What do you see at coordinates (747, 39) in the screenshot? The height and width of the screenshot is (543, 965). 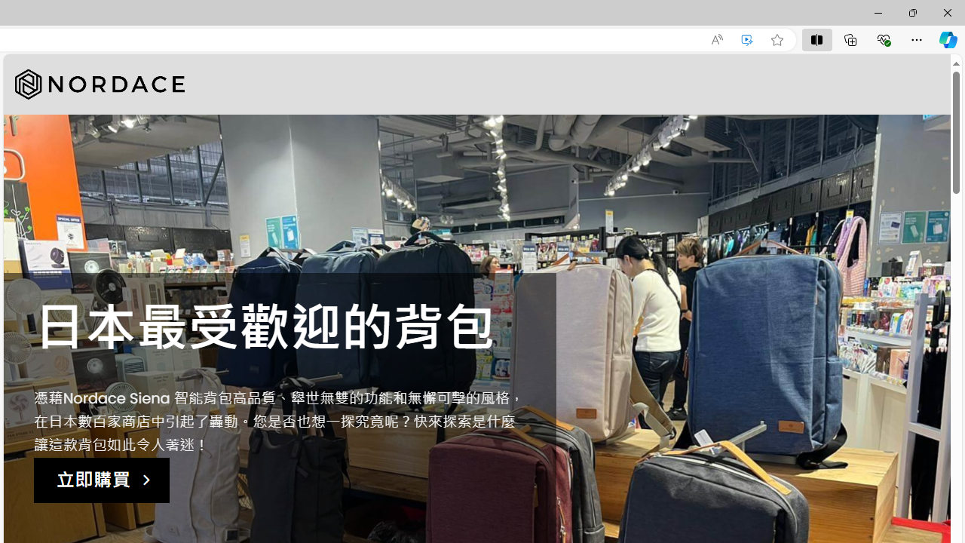 I see `'Enhance video'` at bounding box center [747, 39].